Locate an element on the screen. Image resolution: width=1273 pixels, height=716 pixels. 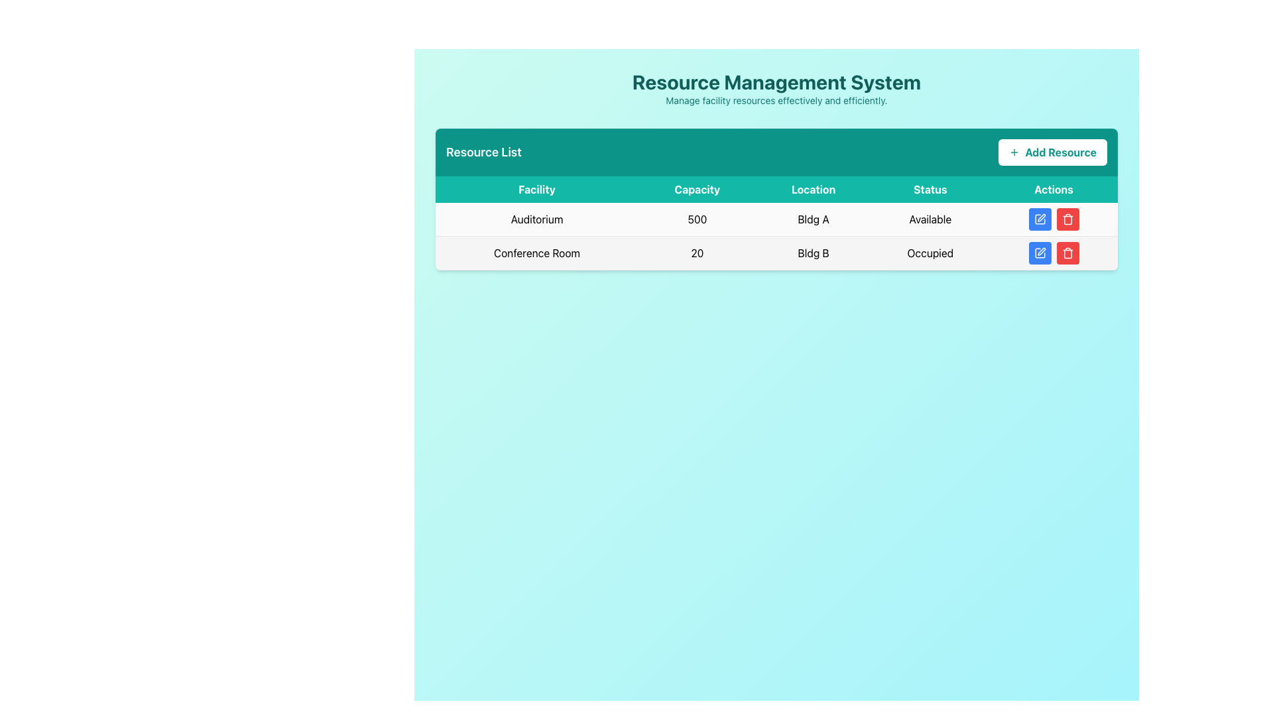
the middle component of the trash can icon is located at coordinates (1067, 219).